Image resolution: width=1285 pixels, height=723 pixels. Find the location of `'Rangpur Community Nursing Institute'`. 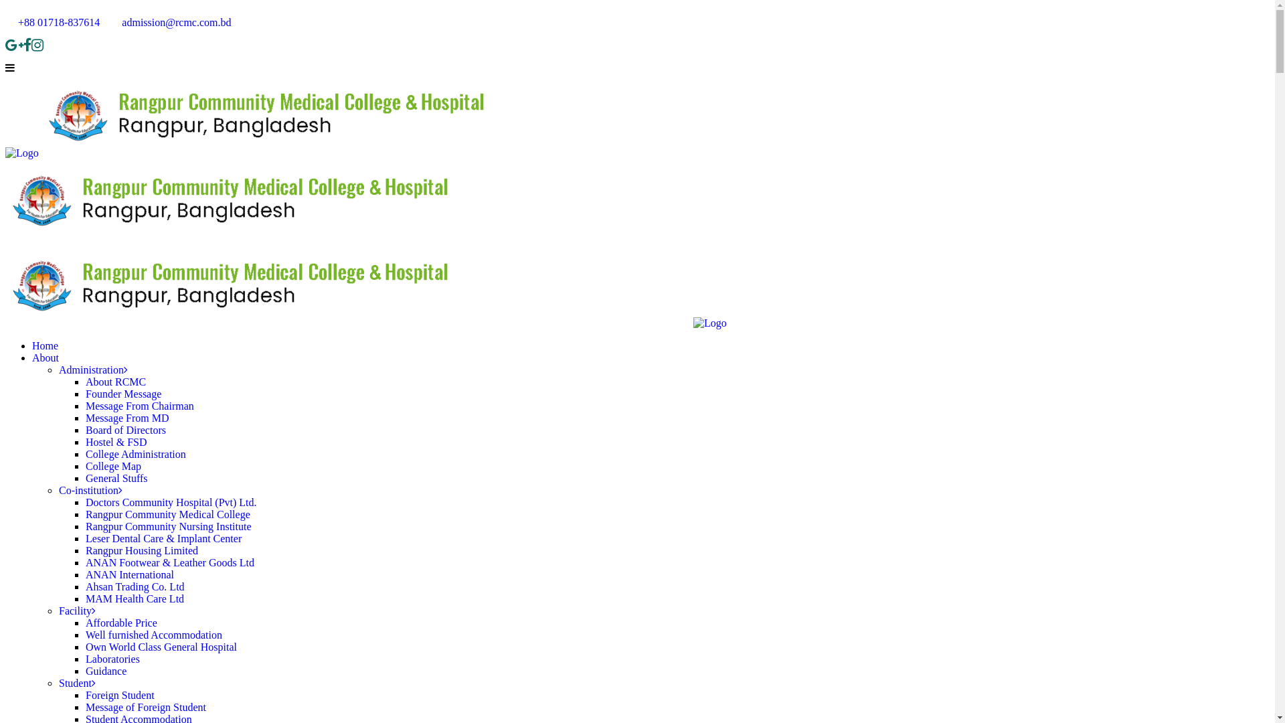

'Rangpur Community Nursing Institute' is located at coordinates (168, 526).